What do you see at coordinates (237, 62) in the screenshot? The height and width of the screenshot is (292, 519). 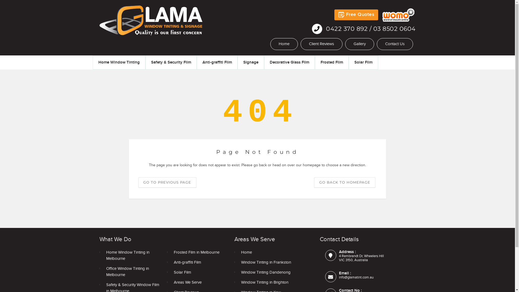 I see `'Signage'` at bounding box center [237, 62].